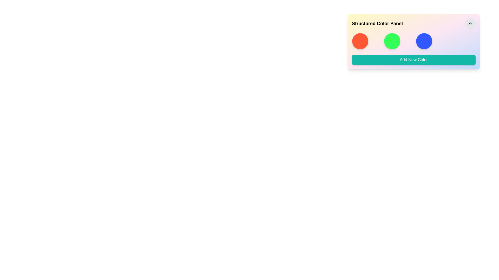 This screenshot has height=280, width=499. I want to click on the button located in the top-right corner of the 'Structured Color Panel', so click(470, 24).